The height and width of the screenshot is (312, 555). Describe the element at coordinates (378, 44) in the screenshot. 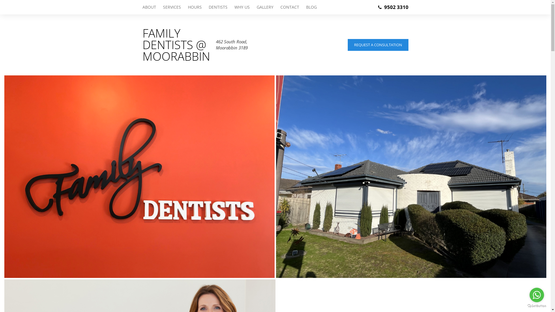

I see `'REQUEST A CONSULTATION'` at that location.